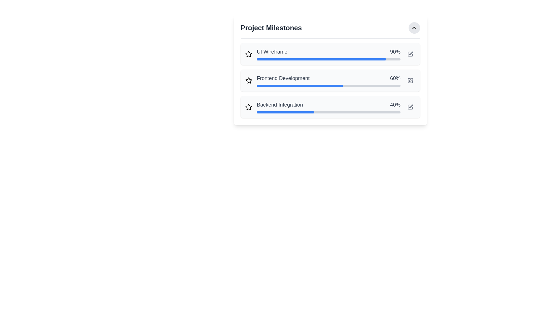 The image size is (554, 311). Describe the element at coordinates (285, 112) in the screenshot. I see `the Progress indicator representing the completion percentage of the 'Backend Integration' task, located at the bottom of the progress bars list` at that location.